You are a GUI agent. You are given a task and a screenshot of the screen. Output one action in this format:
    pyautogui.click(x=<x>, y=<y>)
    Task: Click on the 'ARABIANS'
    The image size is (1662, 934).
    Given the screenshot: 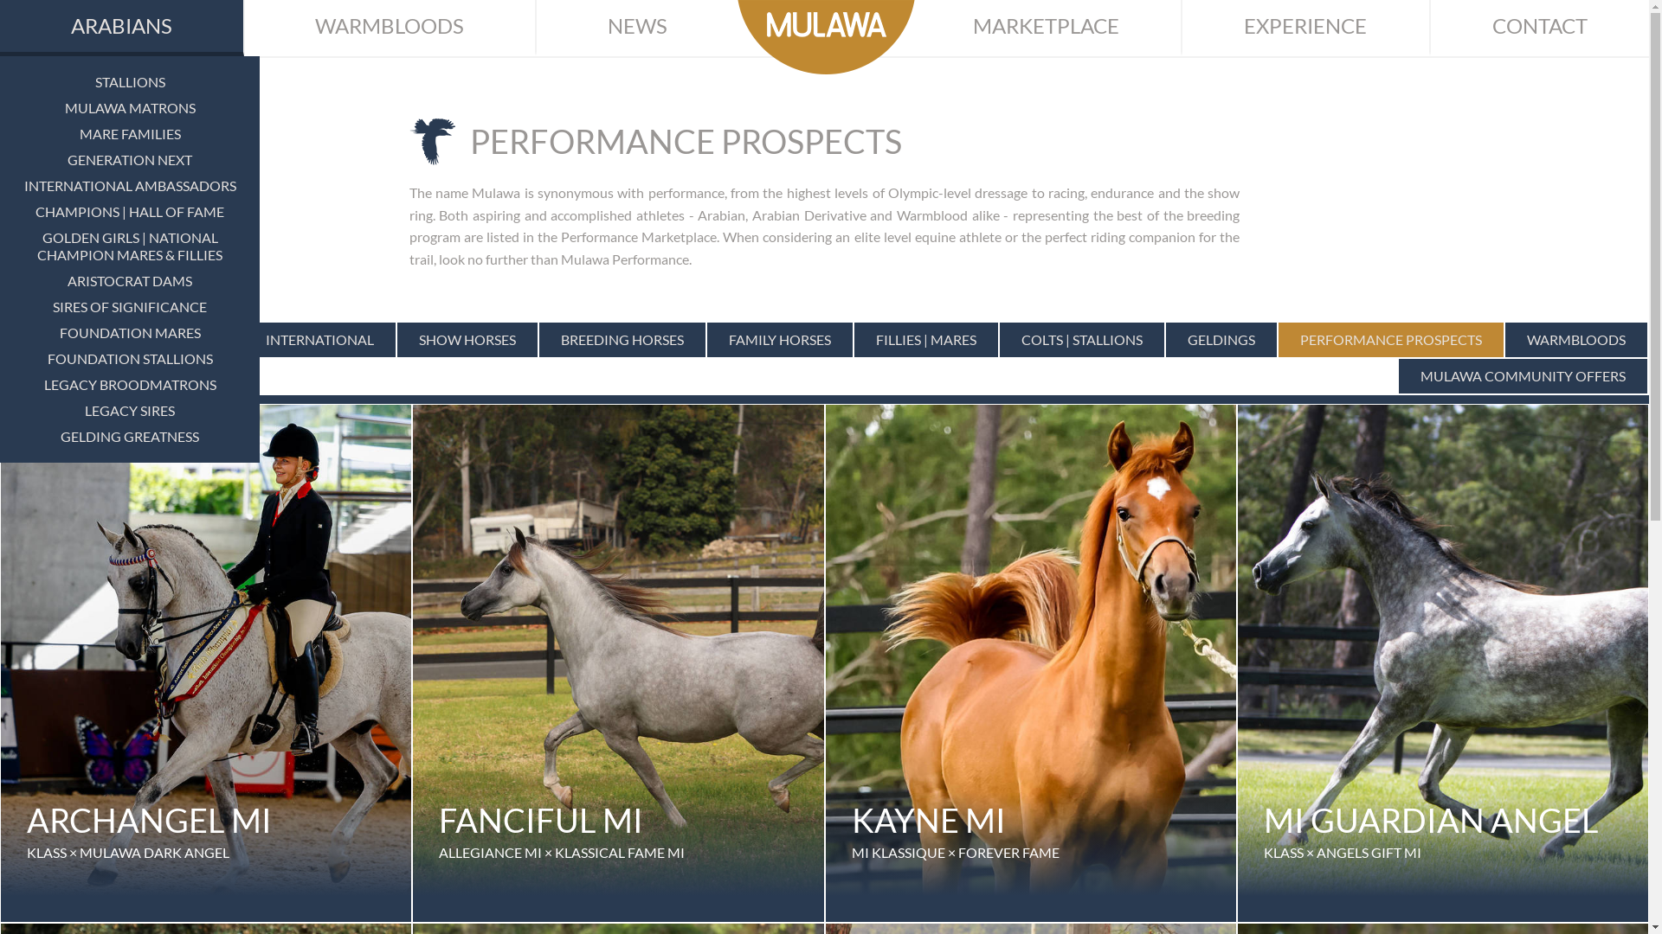 What is the action you would take?
    pyautogui.click(x=120, y=28)
    